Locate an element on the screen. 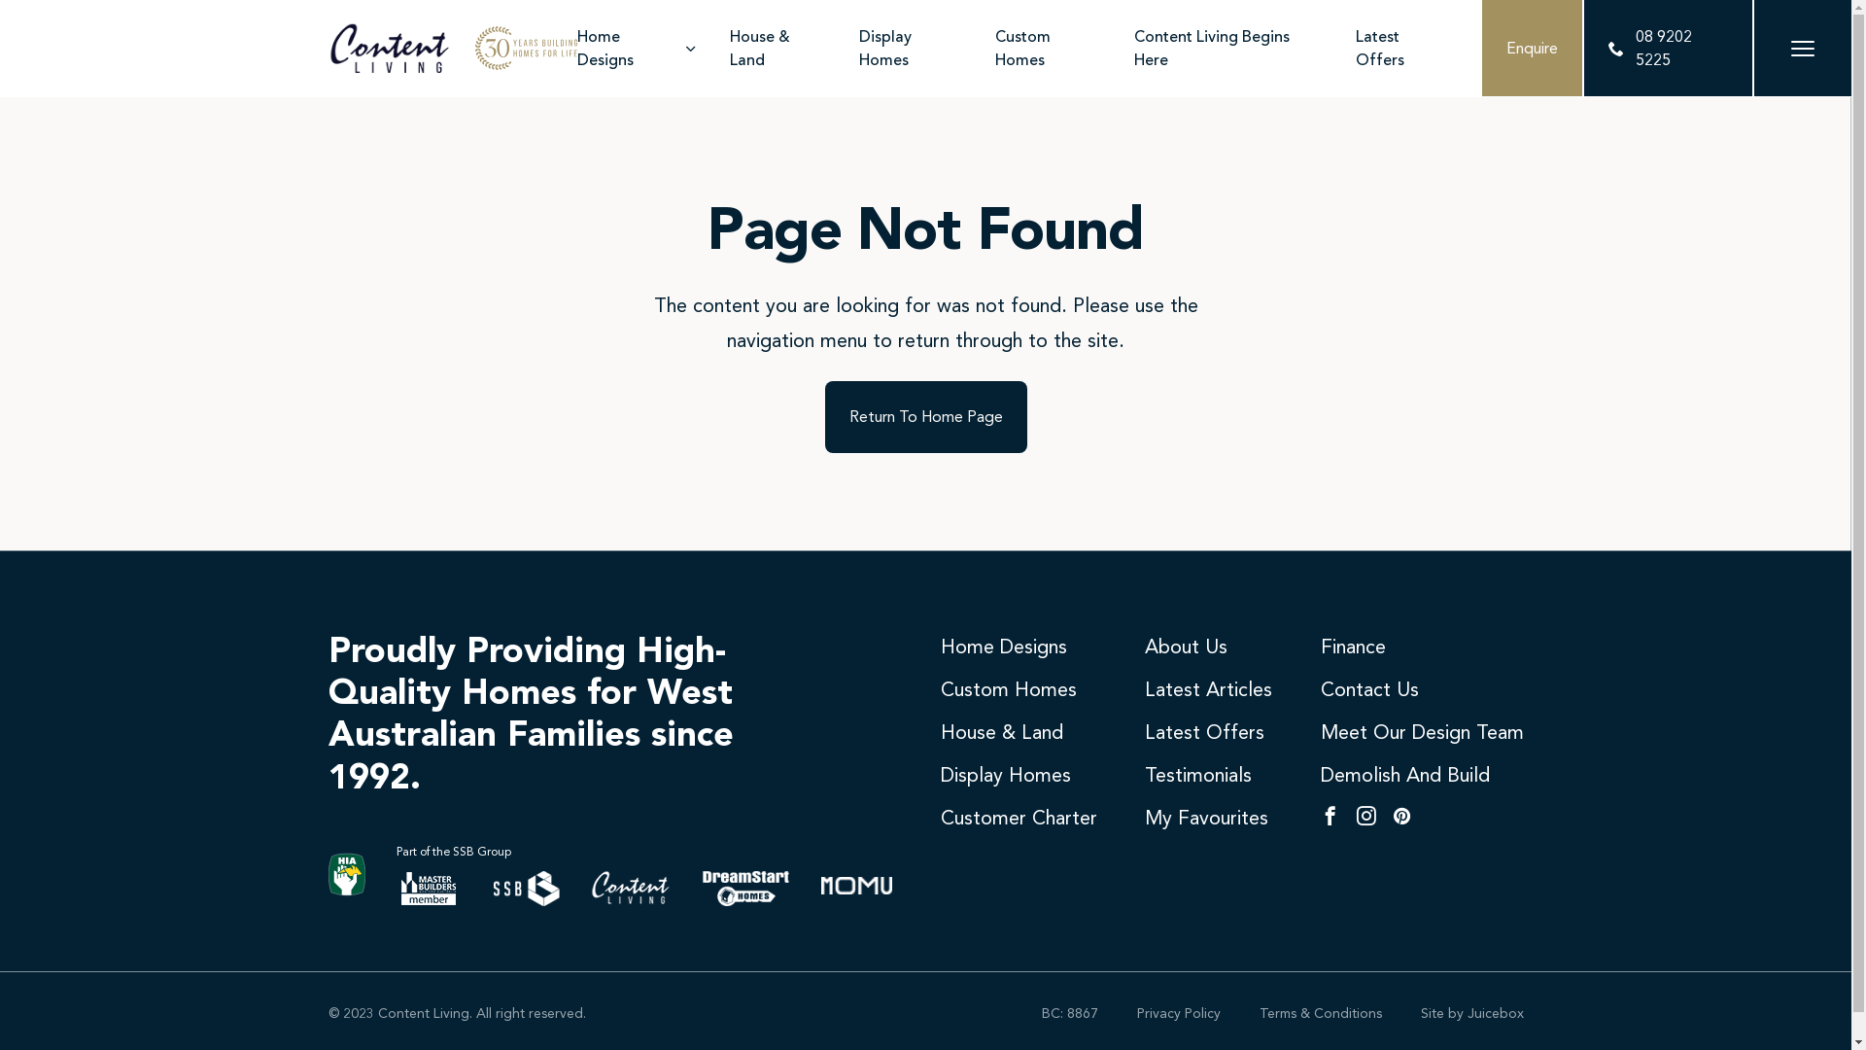 This screenshot has width=1866, height=1050. 'Instagram' is located at coordinates (1365, 817).